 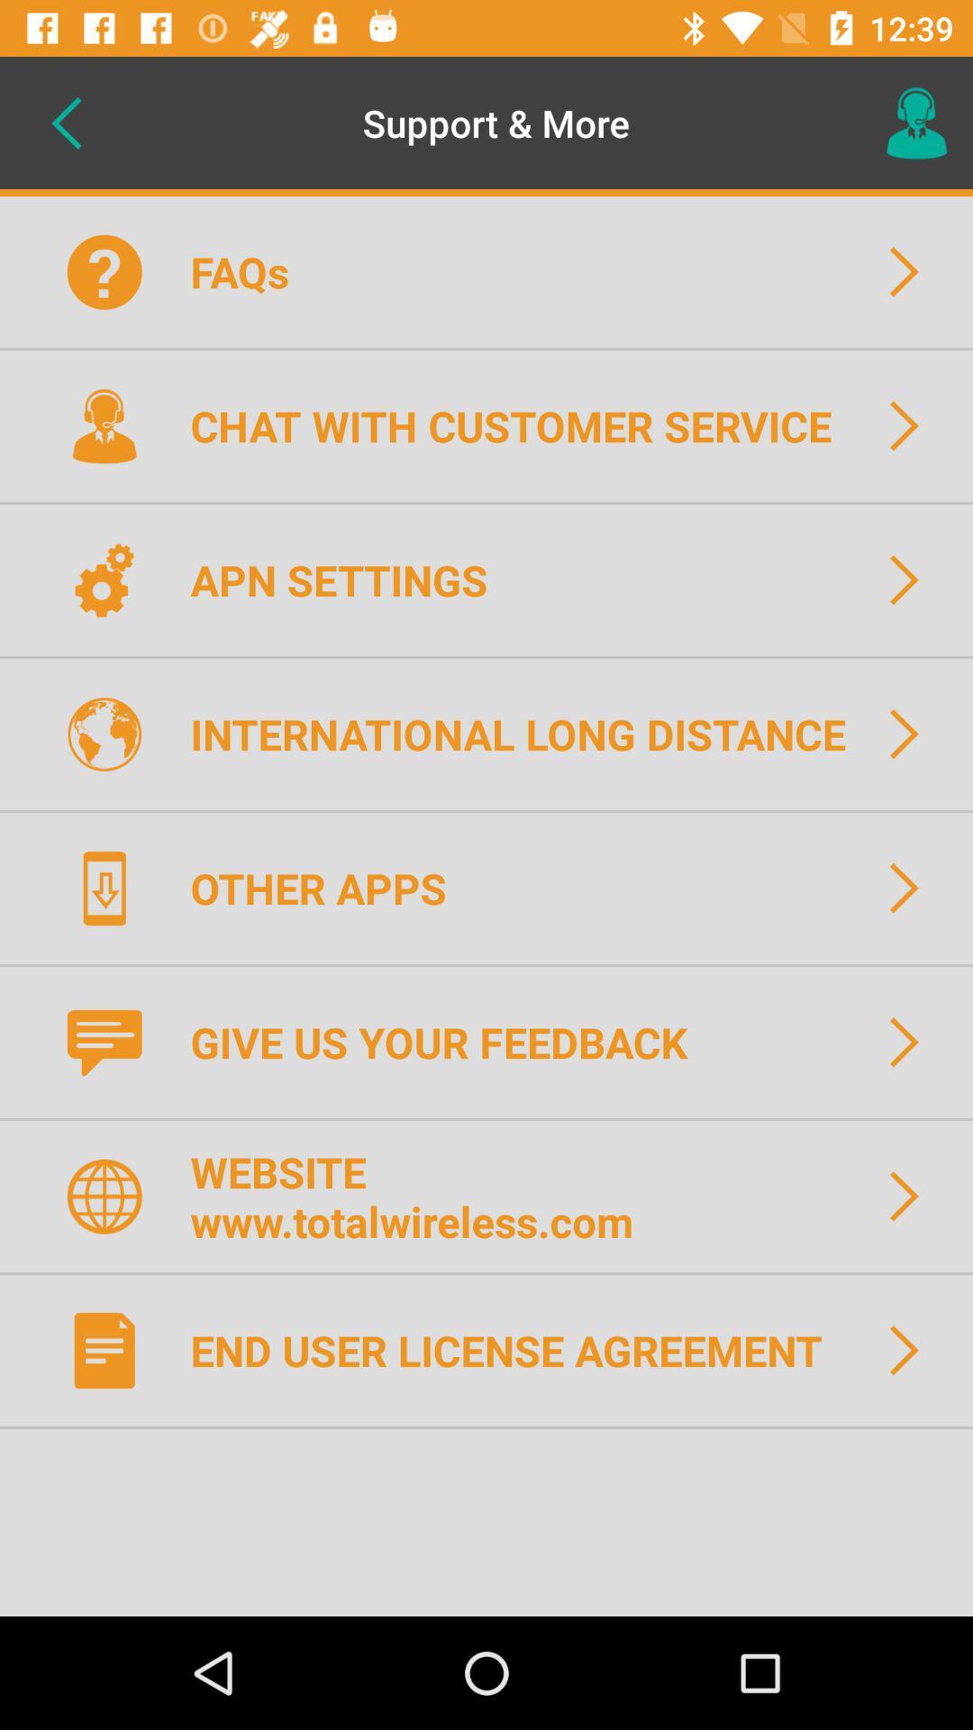 I want to click on the website www totalwireless icon, so click(x=423, y=1197).